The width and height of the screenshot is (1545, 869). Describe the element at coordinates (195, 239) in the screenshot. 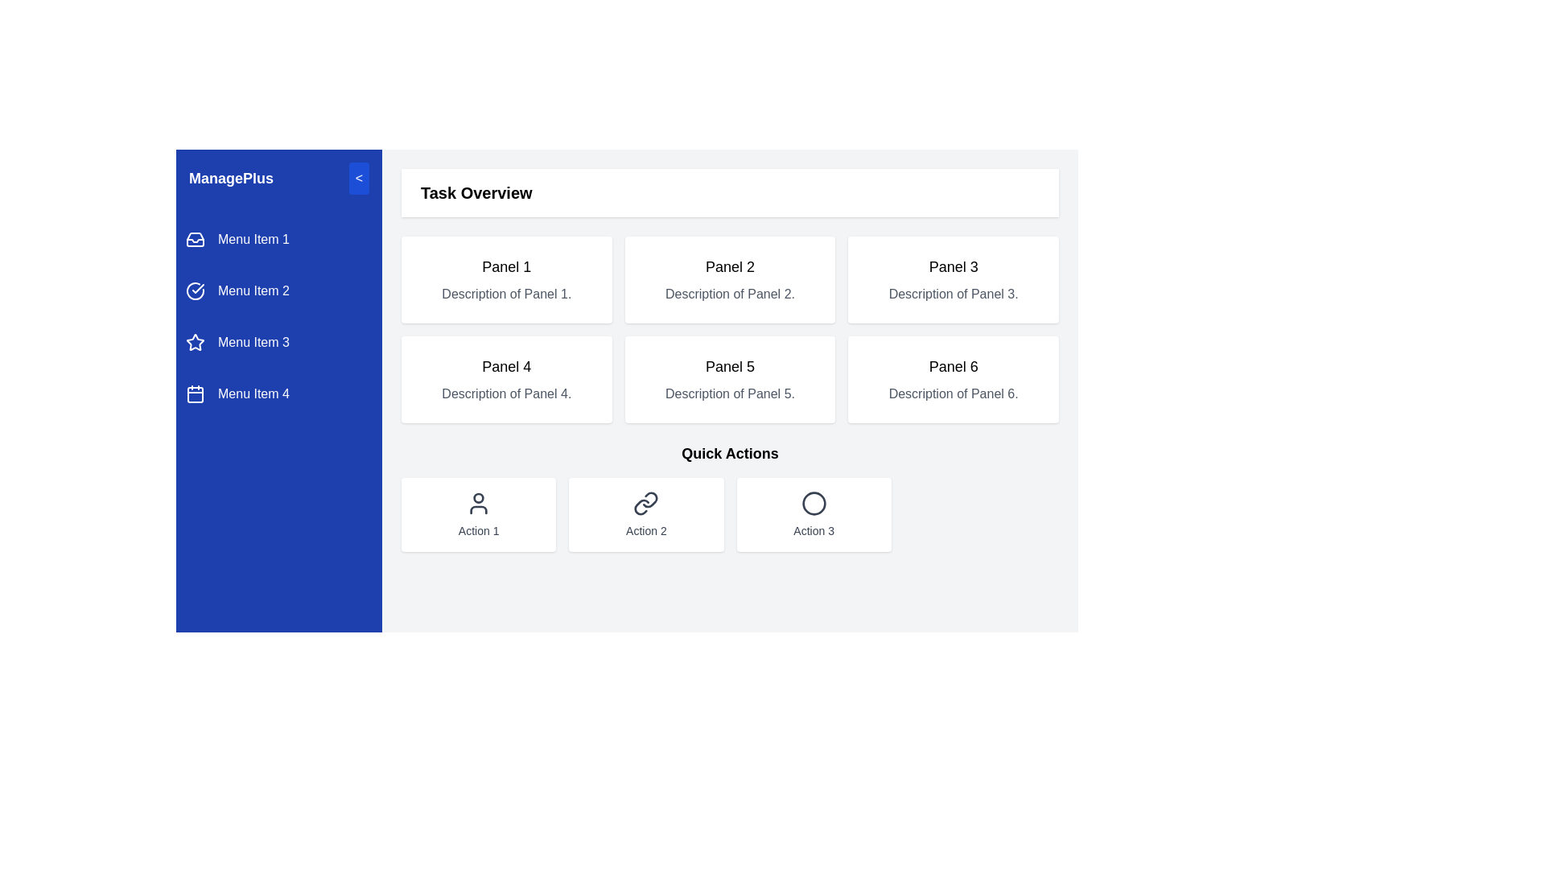

I see `the Vector graphic icon resembling a stylized inbox in the sidebar navigation menu, specifically the first menu item titled 'Menu Item 1'` at that location.